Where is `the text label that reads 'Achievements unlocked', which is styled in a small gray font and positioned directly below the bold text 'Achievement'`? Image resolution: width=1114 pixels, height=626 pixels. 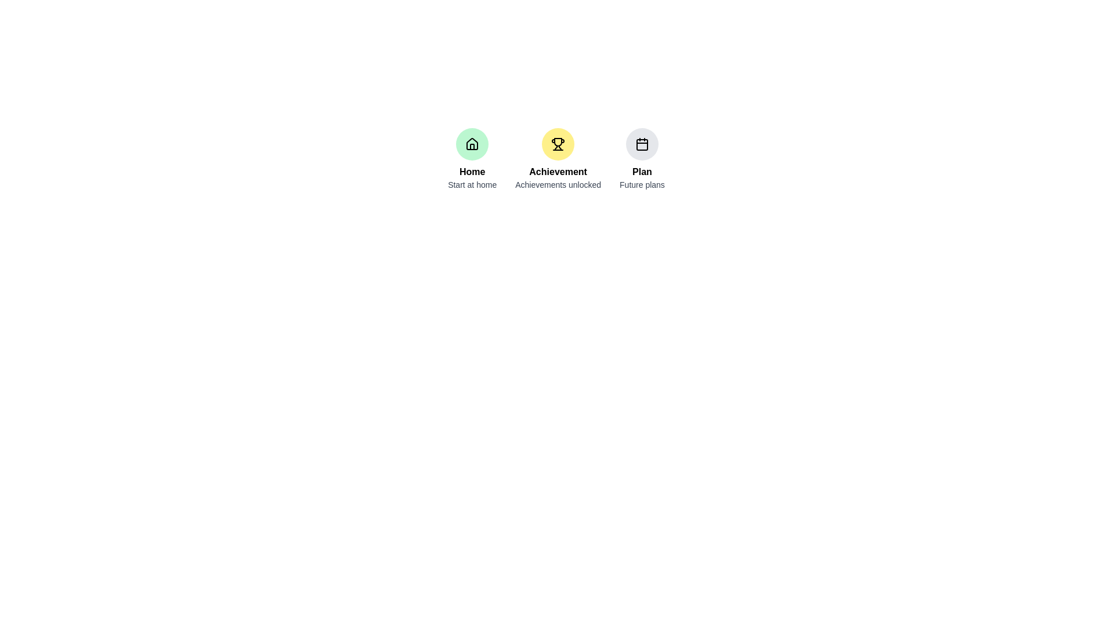 the text label that reads 'Achievements unlocked', which is styled in a small gray font and positioned directly below the bold text 'Achievement' is located at coordinates (558, 184).